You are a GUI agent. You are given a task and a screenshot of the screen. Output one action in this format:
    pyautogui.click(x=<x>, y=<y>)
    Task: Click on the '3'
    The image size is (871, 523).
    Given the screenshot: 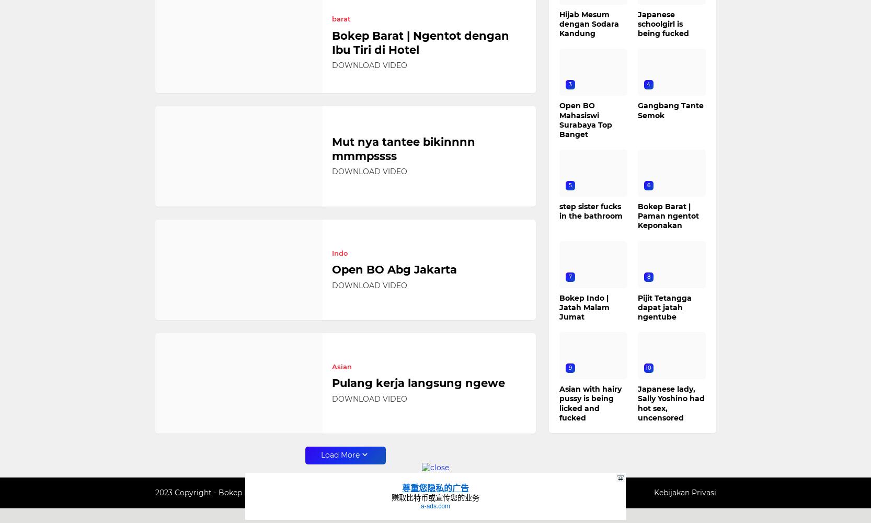 What is the action you would take?
    pyautogui.click(x=570, y=84)
    